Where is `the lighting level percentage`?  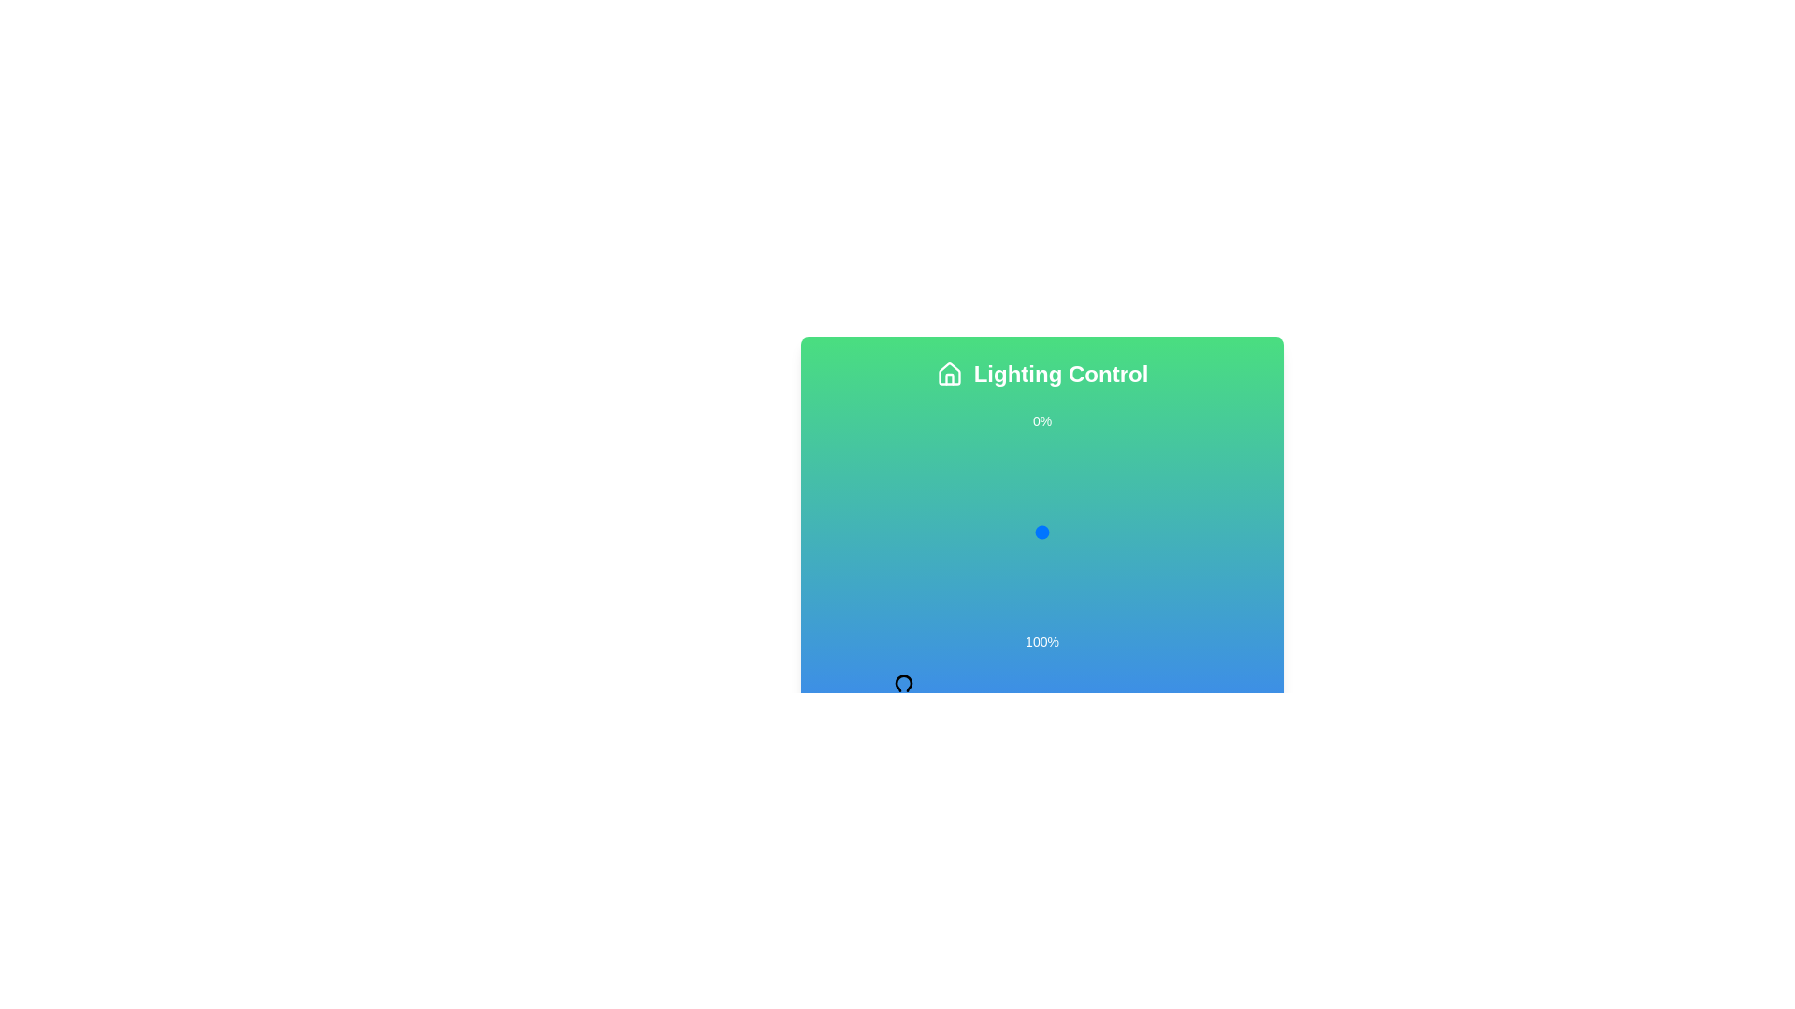
the lighting level percentage is located at coordinates (1102, 532).